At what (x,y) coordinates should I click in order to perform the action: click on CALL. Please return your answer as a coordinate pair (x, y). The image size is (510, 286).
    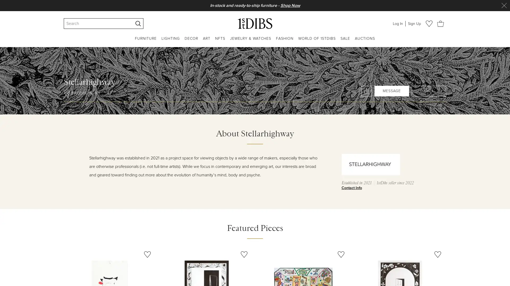
    Looking at the image, I should click on (429, 91).